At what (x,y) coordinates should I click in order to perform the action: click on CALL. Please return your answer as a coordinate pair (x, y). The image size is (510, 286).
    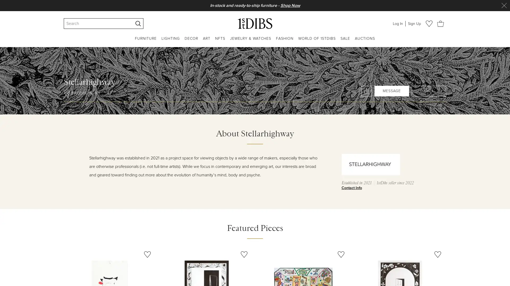
    Looking at the image, I should click on (429, 91).